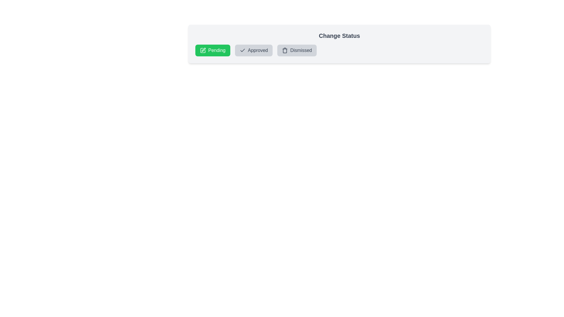 This screenshot has height=317, width=564. I want to click on the status chip labeled 'Approved' to view its associated icon, so click(254, 50).